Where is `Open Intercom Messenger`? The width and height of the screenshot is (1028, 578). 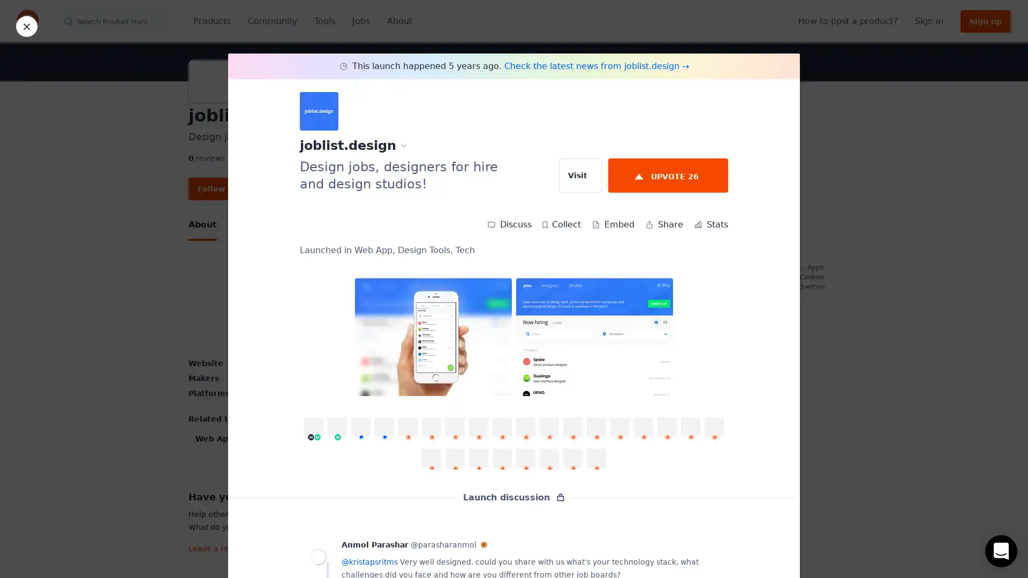 Open Intercom Messenger is located at coordinates (1001, 551).